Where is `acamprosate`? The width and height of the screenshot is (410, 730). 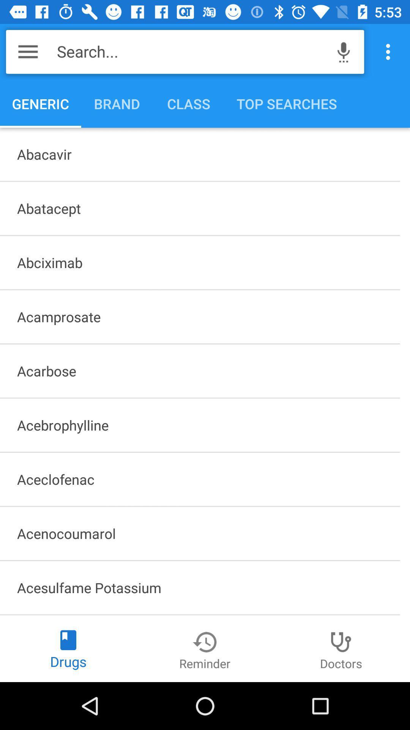
acamprosate is located at coordinates (199, 317).